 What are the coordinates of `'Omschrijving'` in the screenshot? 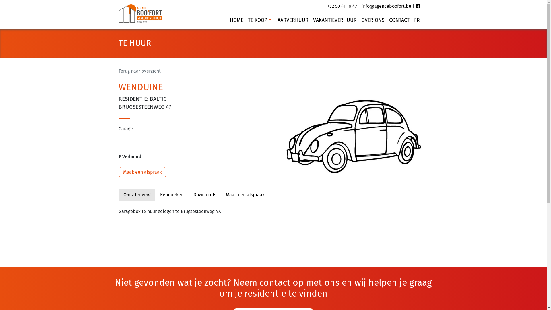 It's located at (136, 194).